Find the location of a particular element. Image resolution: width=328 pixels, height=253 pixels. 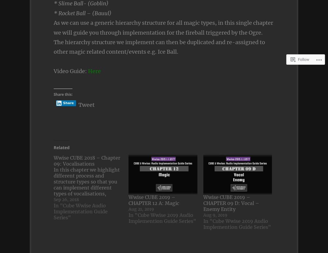

'Follow' is located at coordinates (303, 37).